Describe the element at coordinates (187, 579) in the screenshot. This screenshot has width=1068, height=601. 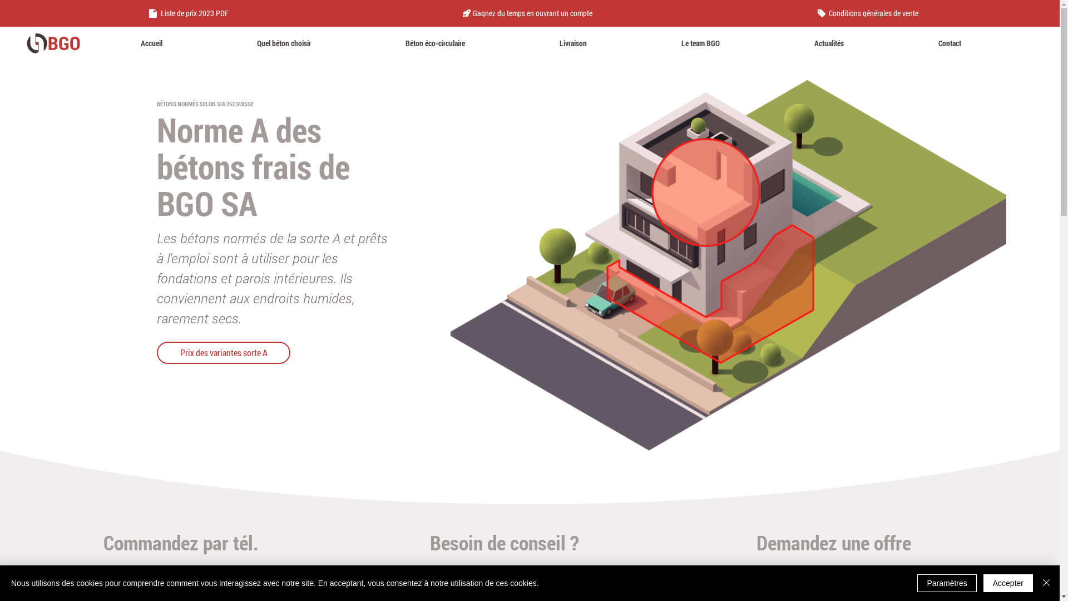
I see `'+41 21 869 06 61'` at that location.